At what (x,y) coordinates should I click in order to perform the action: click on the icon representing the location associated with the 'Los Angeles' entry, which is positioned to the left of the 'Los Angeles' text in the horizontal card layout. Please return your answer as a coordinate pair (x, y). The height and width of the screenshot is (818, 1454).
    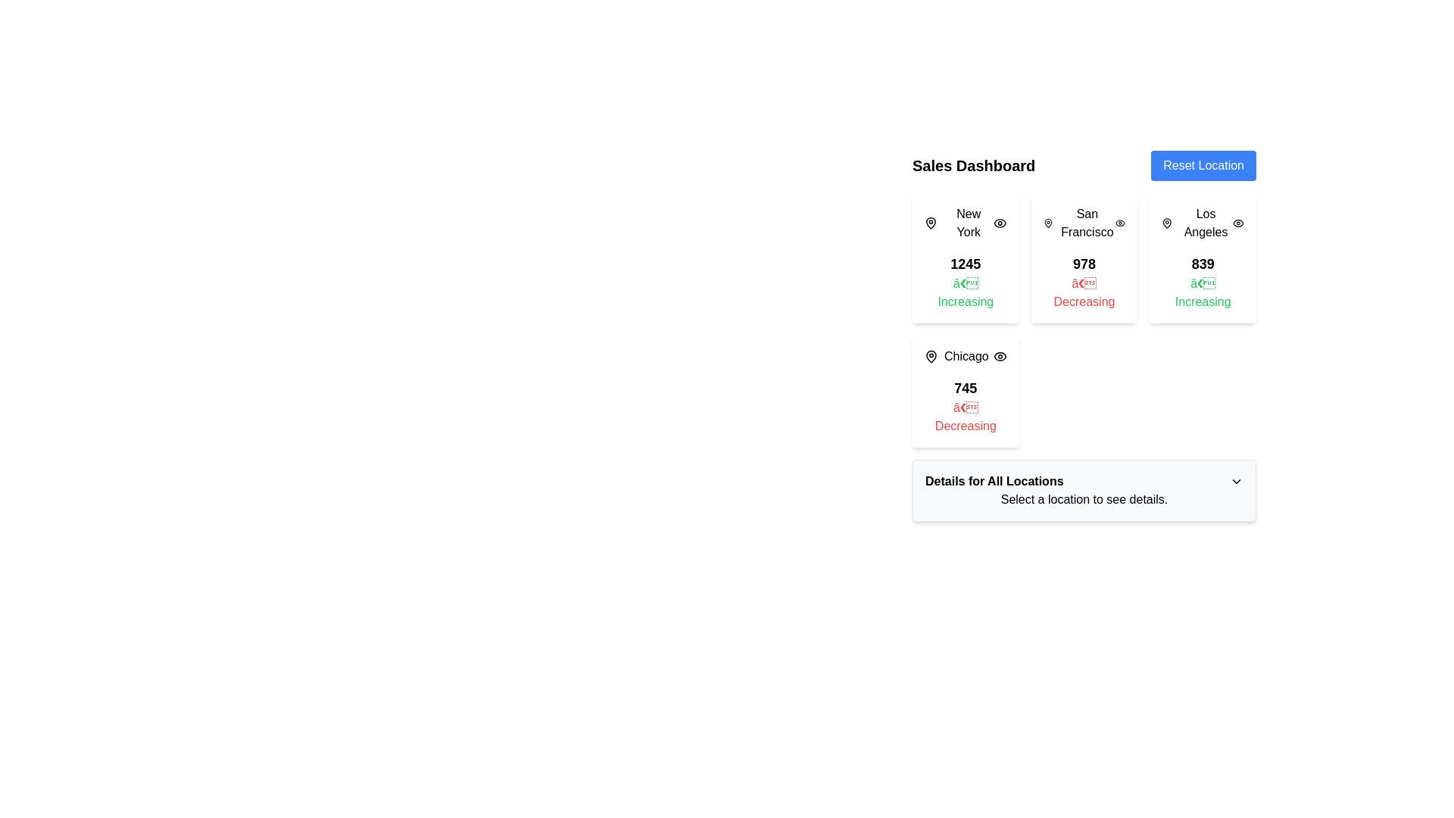
    Looking at the image, I should click on (1166, 223).